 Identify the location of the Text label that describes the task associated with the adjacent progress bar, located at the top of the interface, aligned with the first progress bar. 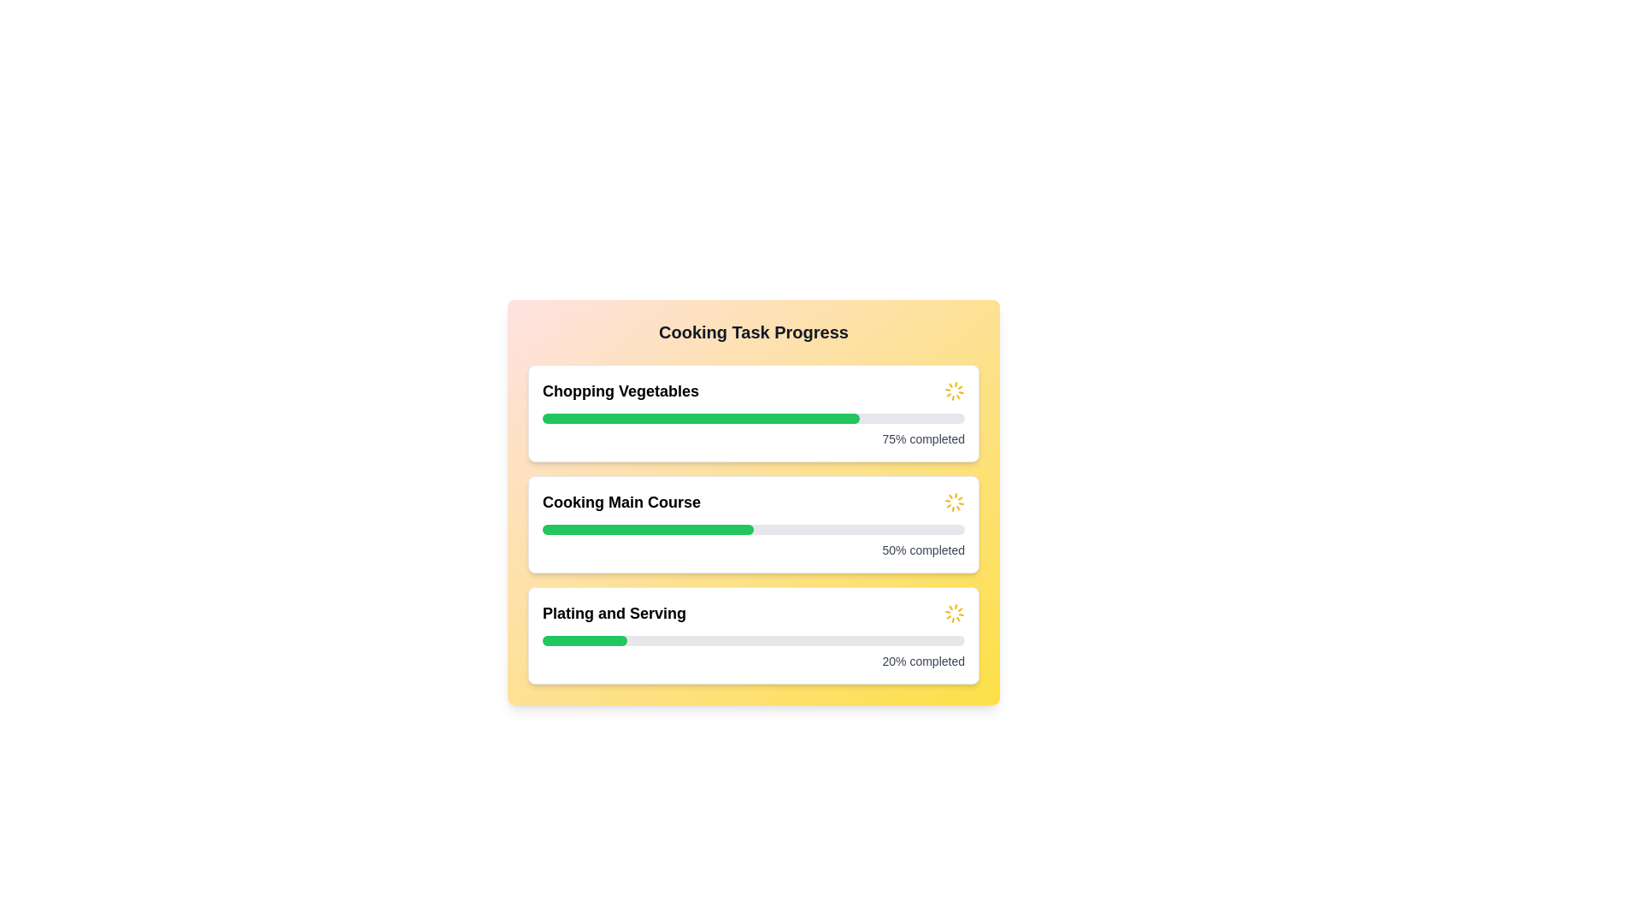
(620, 391).